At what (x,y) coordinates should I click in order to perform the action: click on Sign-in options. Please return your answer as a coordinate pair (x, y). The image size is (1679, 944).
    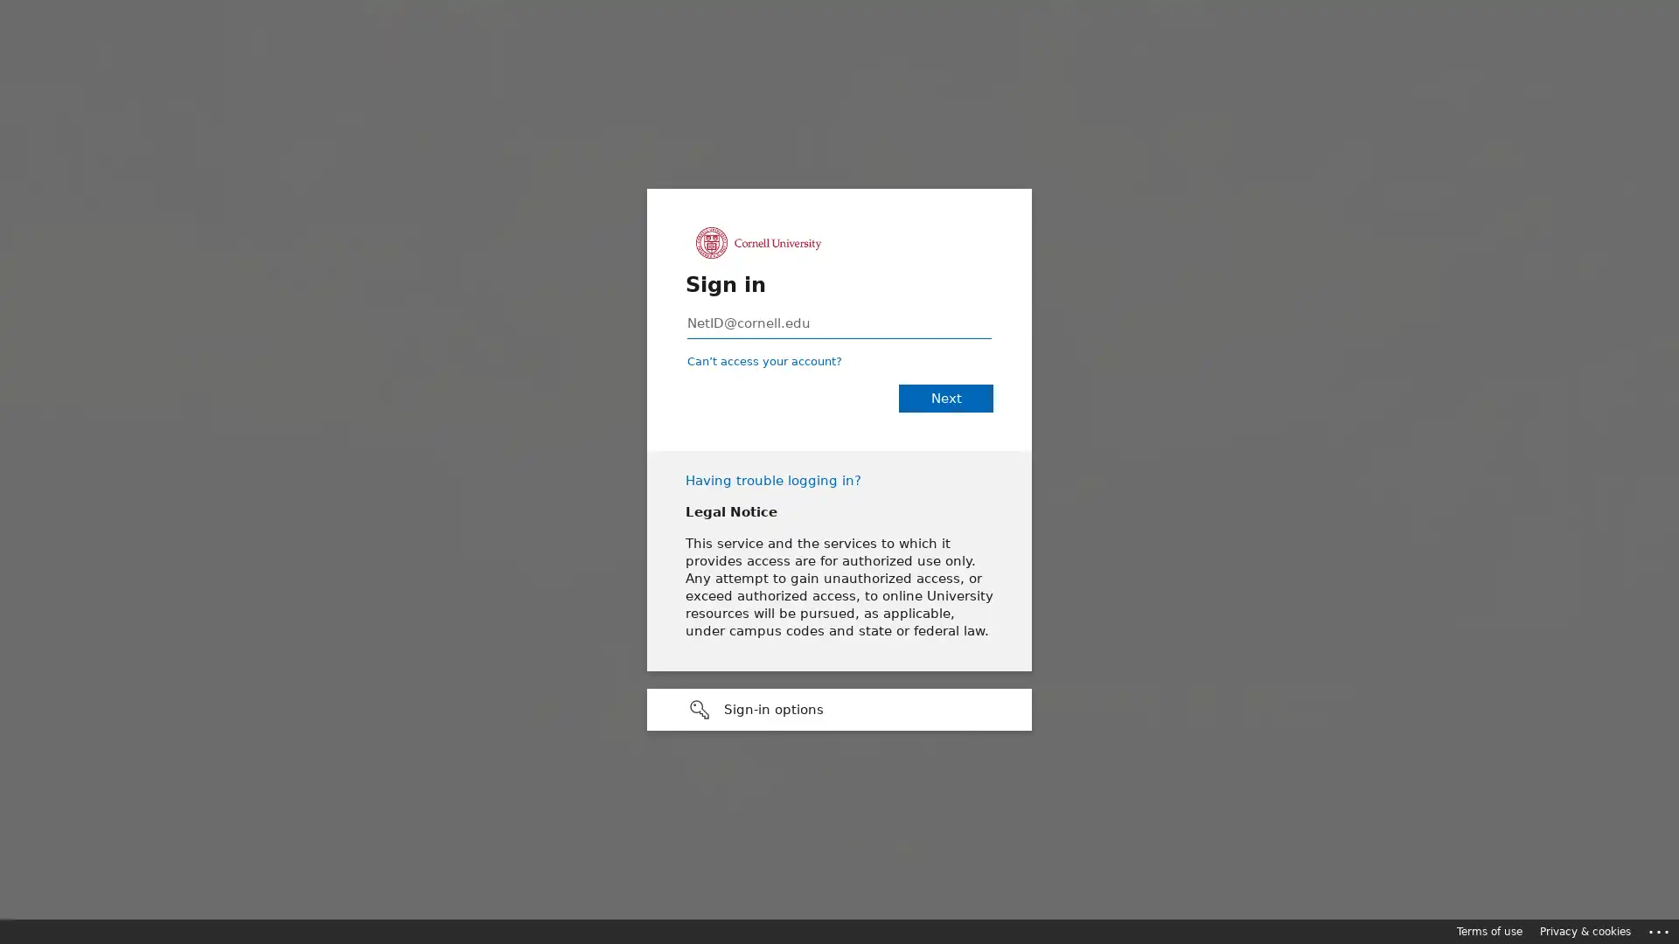
    Looking at the image, I should click on (839, 710).